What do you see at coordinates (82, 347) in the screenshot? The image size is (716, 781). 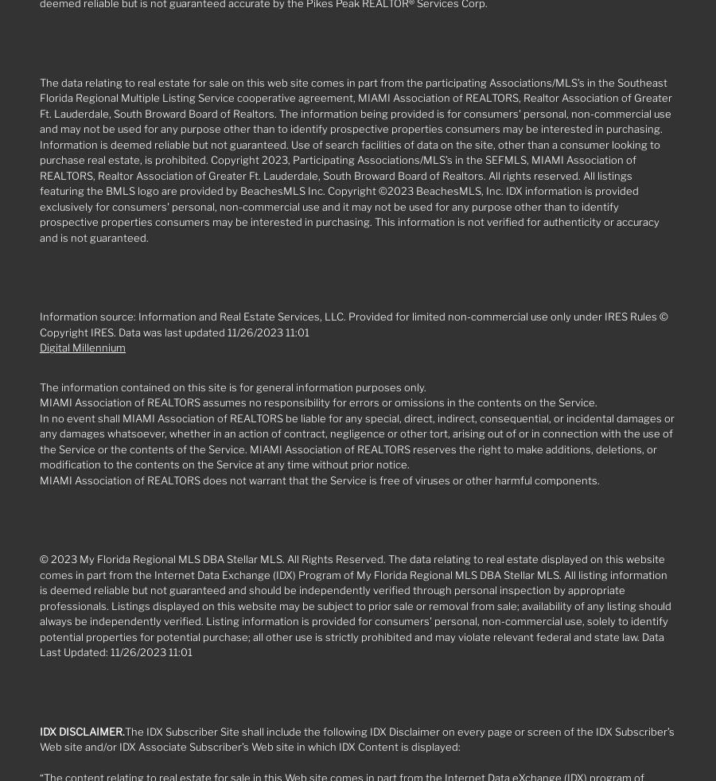 I see `'Digital Millennium'` at bounding box center [82, 347].